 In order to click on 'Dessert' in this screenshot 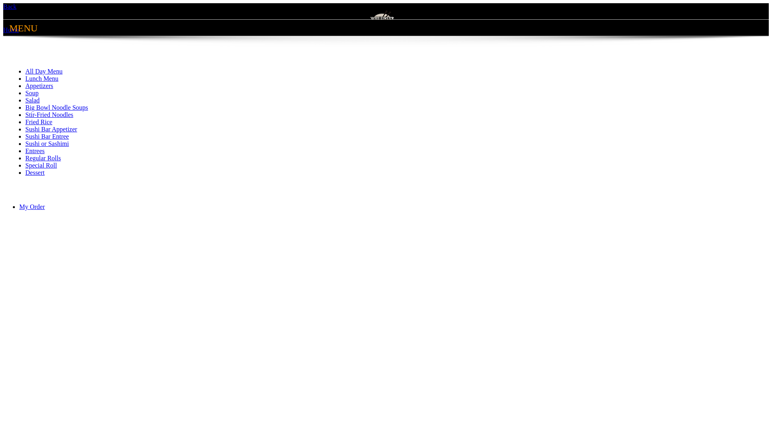, I will do `click(34, 172)`.